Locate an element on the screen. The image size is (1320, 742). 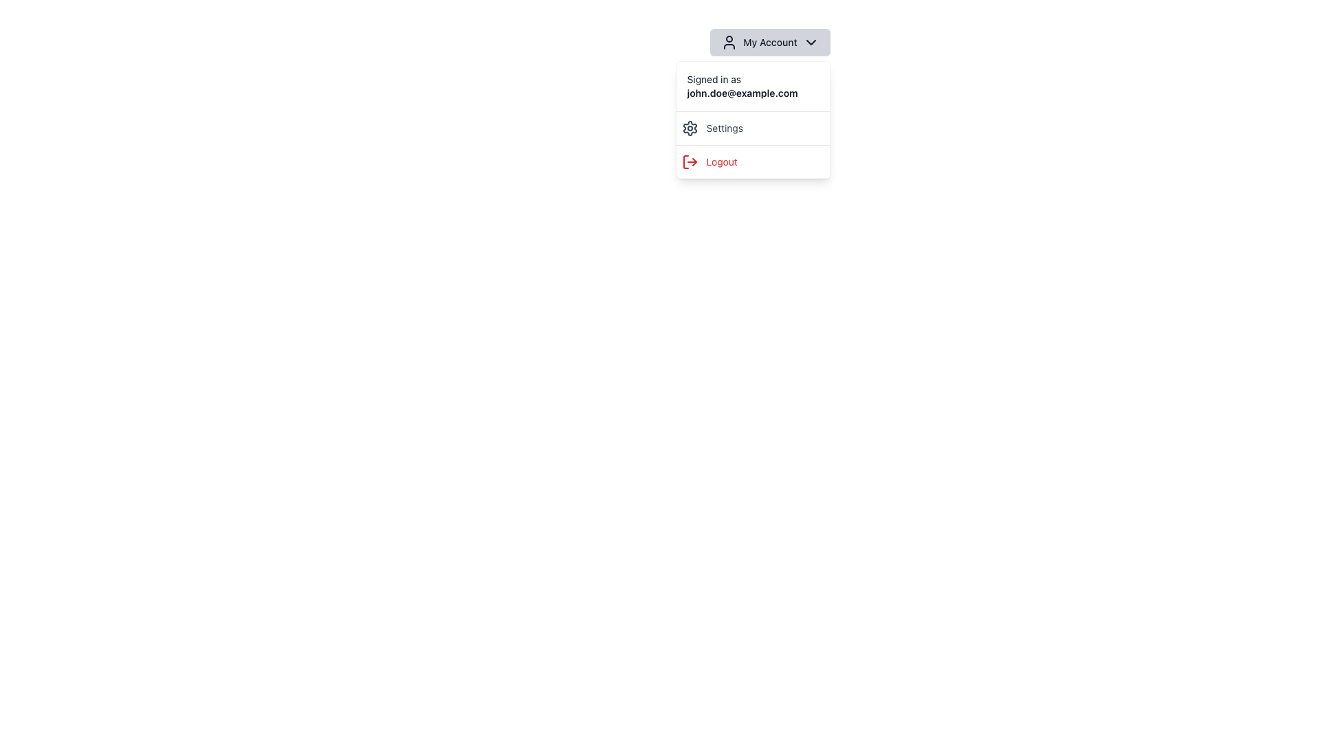
the rightward-facing arrow within the logout icon area of the dropdown menu is located at coordinates (694, 161).